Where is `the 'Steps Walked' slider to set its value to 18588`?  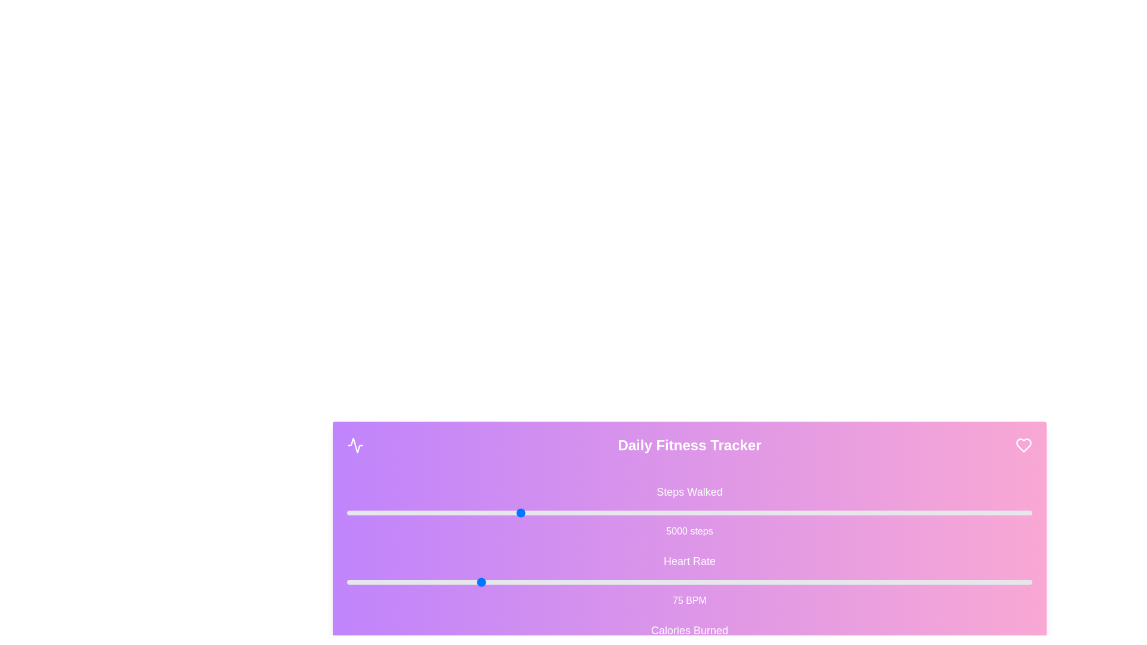 the 'Steps Walked' slider to set its value to 18588 is located at coordinates (983, 512).